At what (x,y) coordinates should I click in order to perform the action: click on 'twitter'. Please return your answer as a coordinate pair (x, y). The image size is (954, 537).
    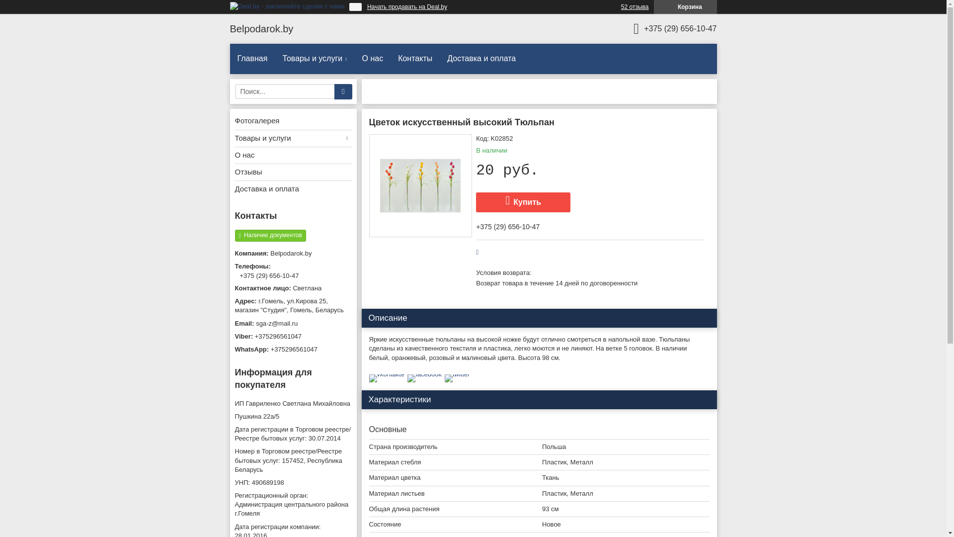
    Looking at the image, I should click on (457, 374).